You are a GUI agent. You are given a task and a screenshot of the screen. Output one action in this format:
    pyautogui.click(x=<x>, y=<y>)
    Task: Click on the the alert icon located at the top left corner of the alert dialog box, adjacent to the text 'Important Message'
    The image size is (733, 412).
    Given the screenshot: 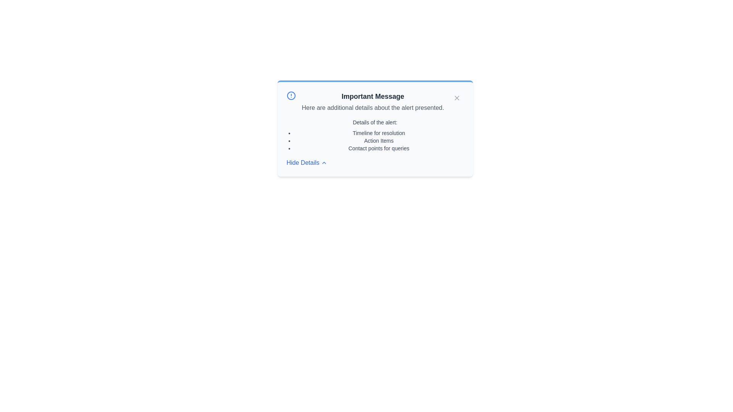 What is the action you would take?
    pyautogui.click(x=291, y=95)
    